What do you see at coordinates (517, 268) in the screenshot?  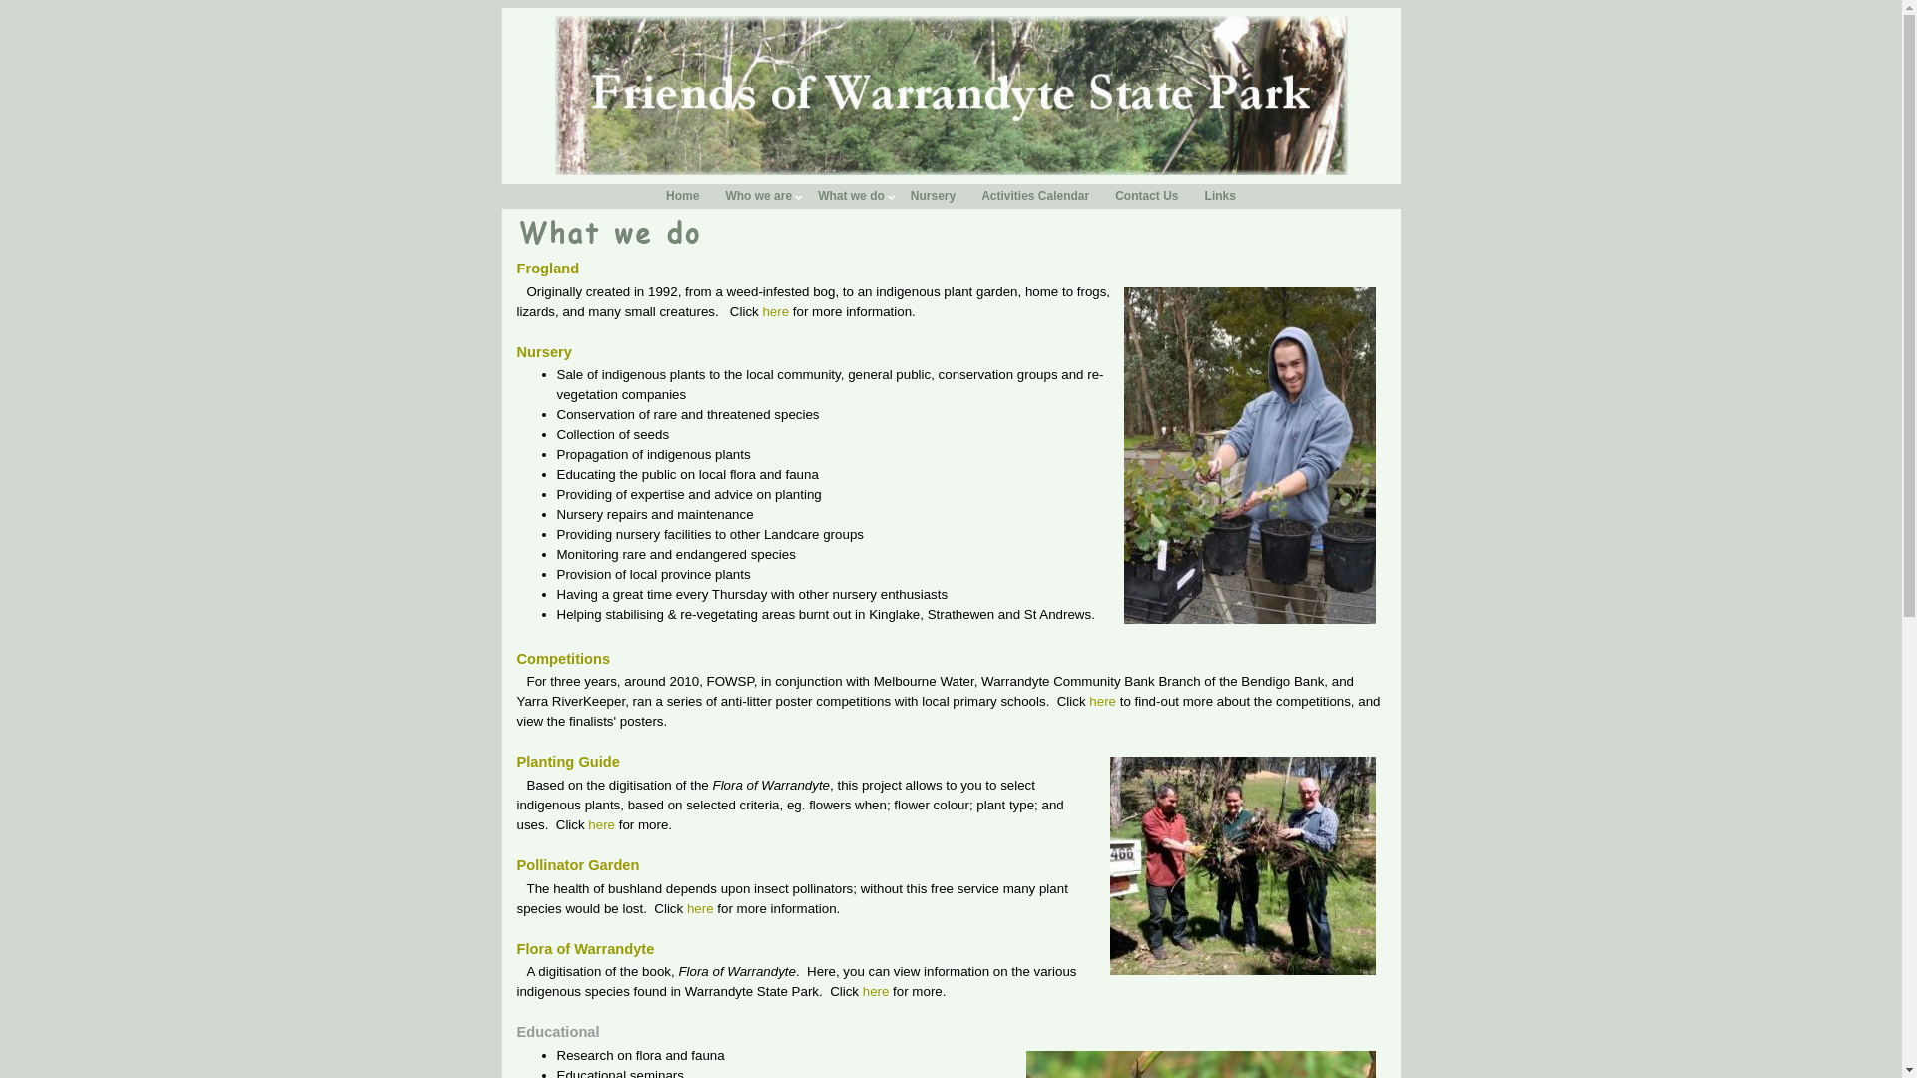 I see `'Frogland'` at bounding box center [517, 268].